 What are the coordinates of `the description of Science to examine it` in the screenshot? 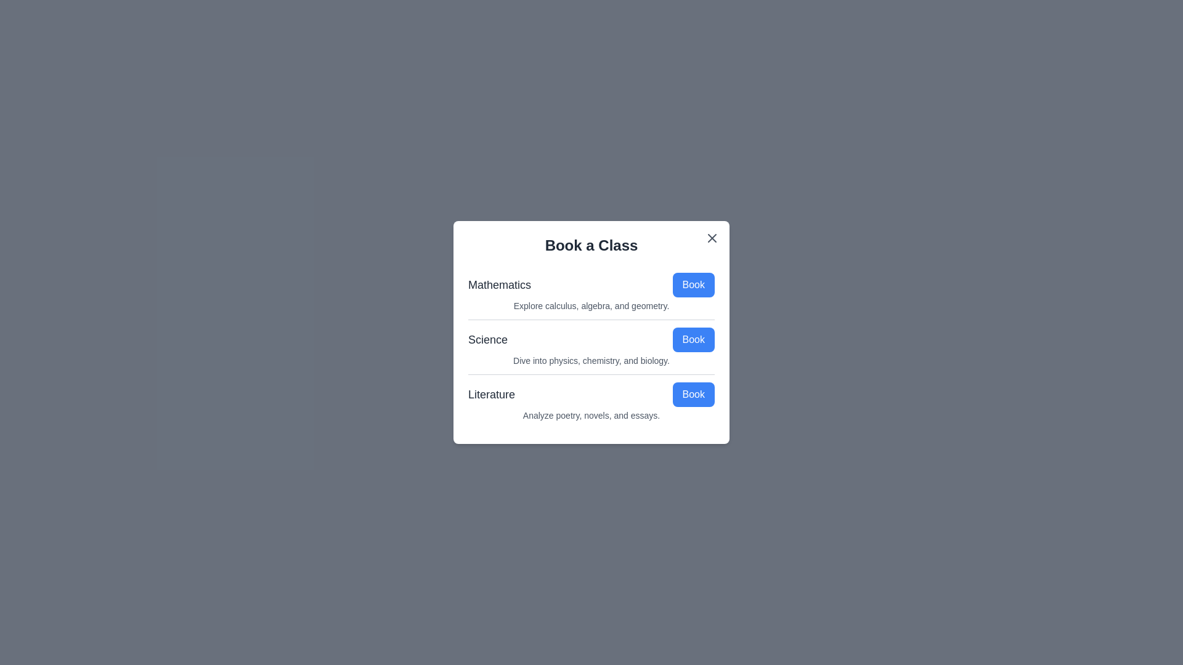 It's located at (591, 360).